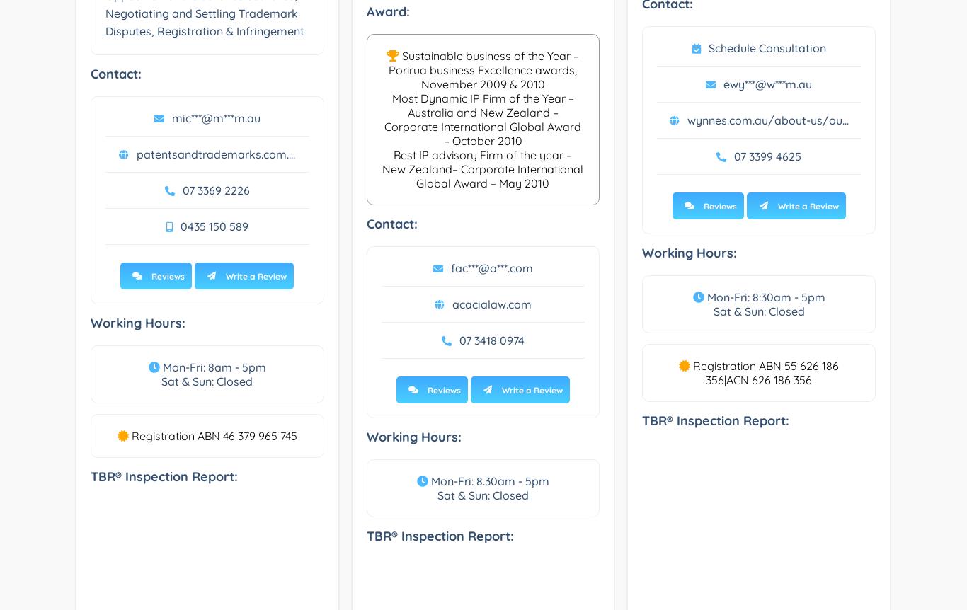 The image size is (967, 610). What do you see at coordinates (488, 480) in the screenshot?
I see `'Mon-Fri: 8.30am - 5pm'` at bounding box center [488, 480].